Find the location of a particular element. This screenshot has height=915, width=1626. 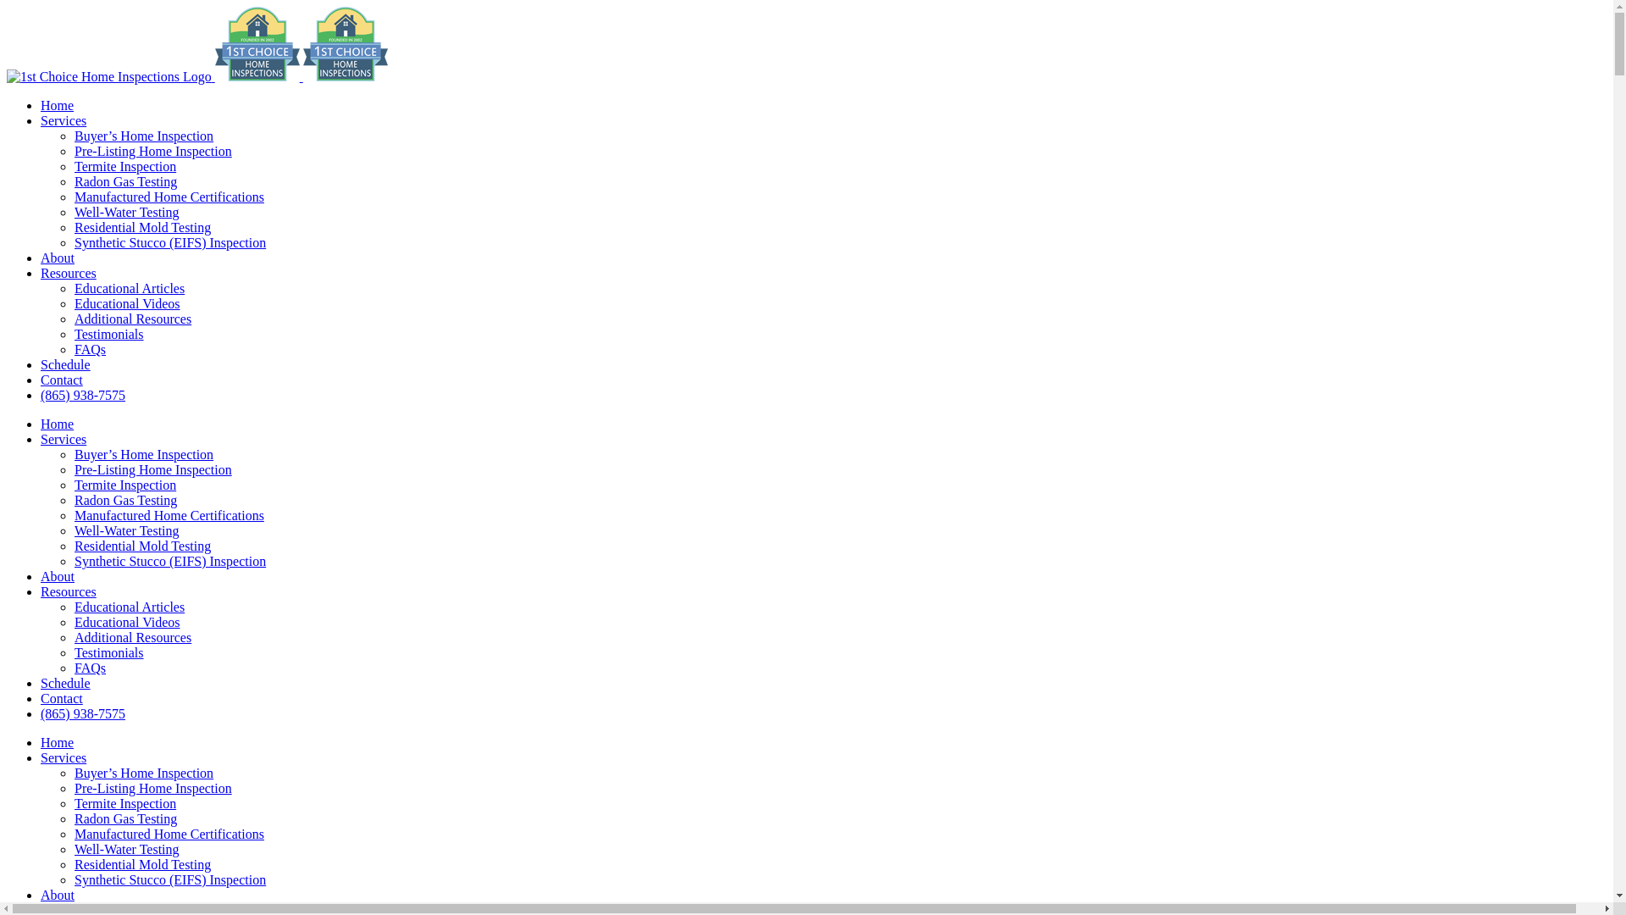

'Schedule' is located at coordinates (65, 682).